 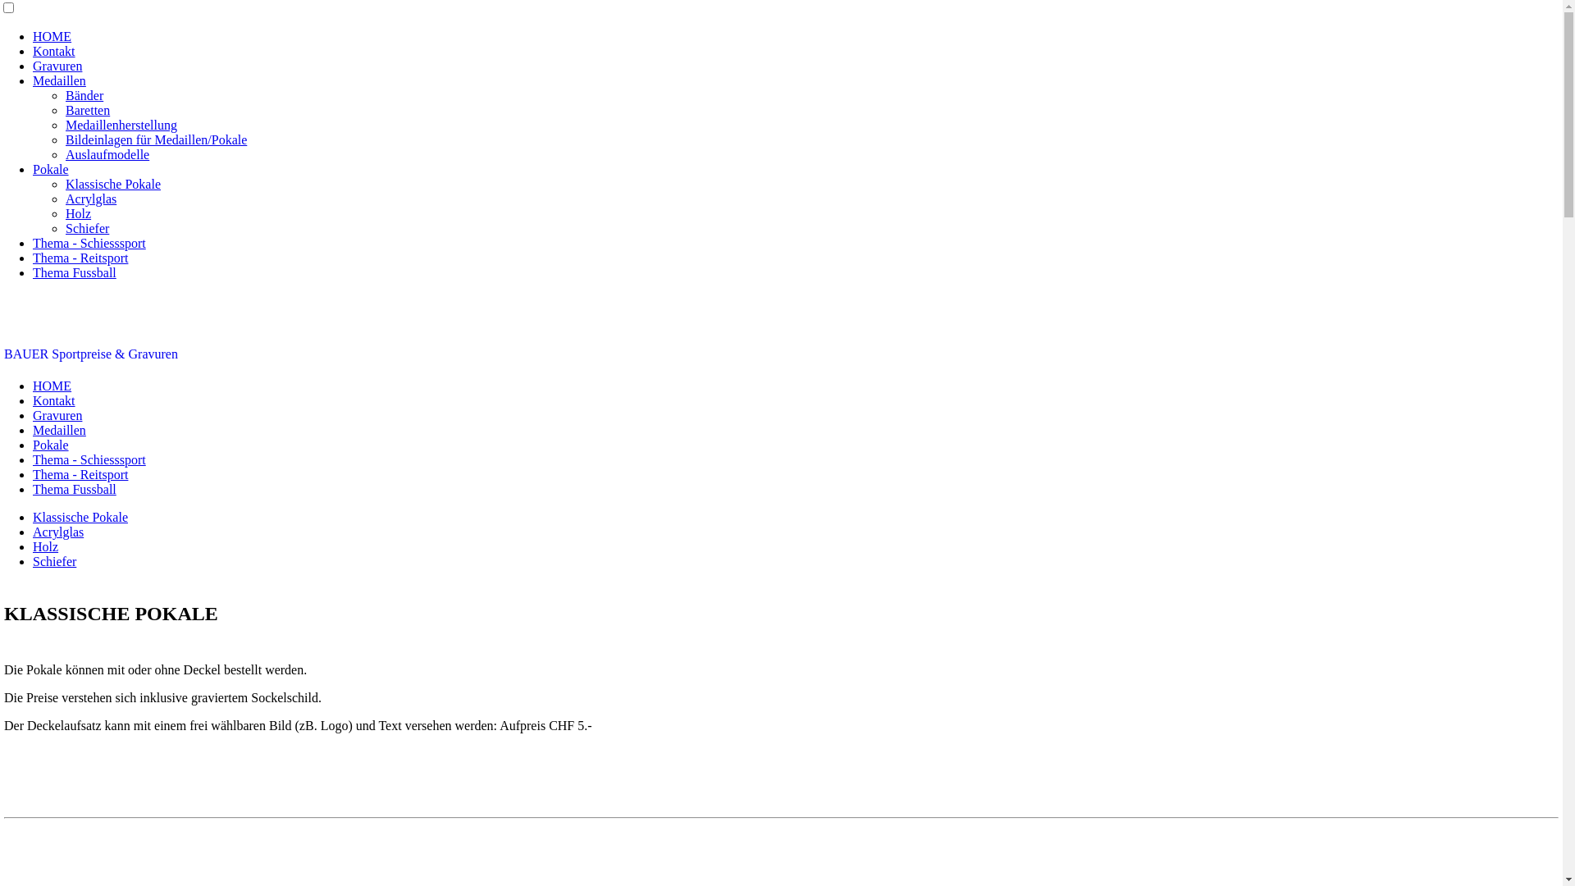 What do you see at coordinates (79, 474) in the screenshot?
I see `'Thema - Reitsport'` at bounding box center [79, 474].